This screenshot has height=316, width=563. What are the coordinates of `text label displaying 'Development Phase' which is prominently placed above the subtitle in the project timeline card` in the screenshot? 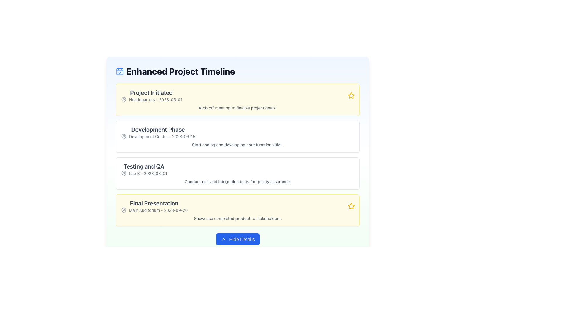 It's located at (158, 129).